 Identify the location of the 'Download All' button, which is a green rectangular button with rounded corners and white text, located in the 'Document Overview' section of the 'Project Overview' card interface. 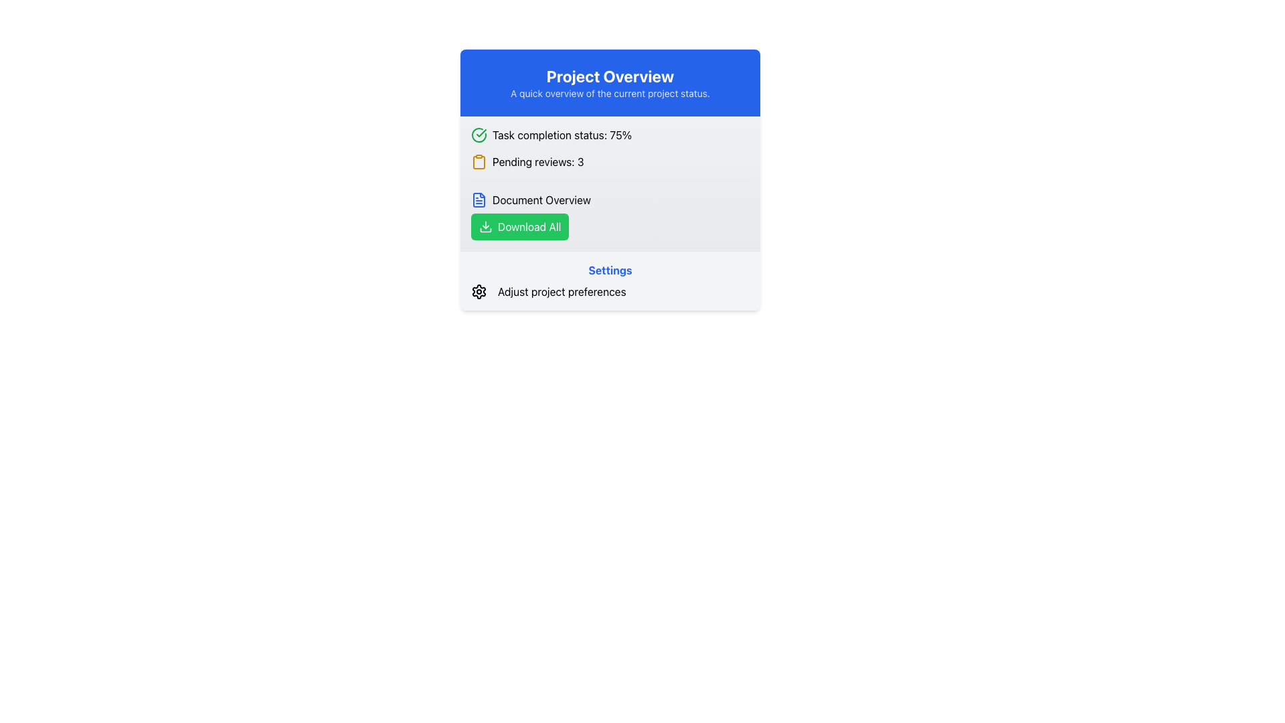
(519, 226).